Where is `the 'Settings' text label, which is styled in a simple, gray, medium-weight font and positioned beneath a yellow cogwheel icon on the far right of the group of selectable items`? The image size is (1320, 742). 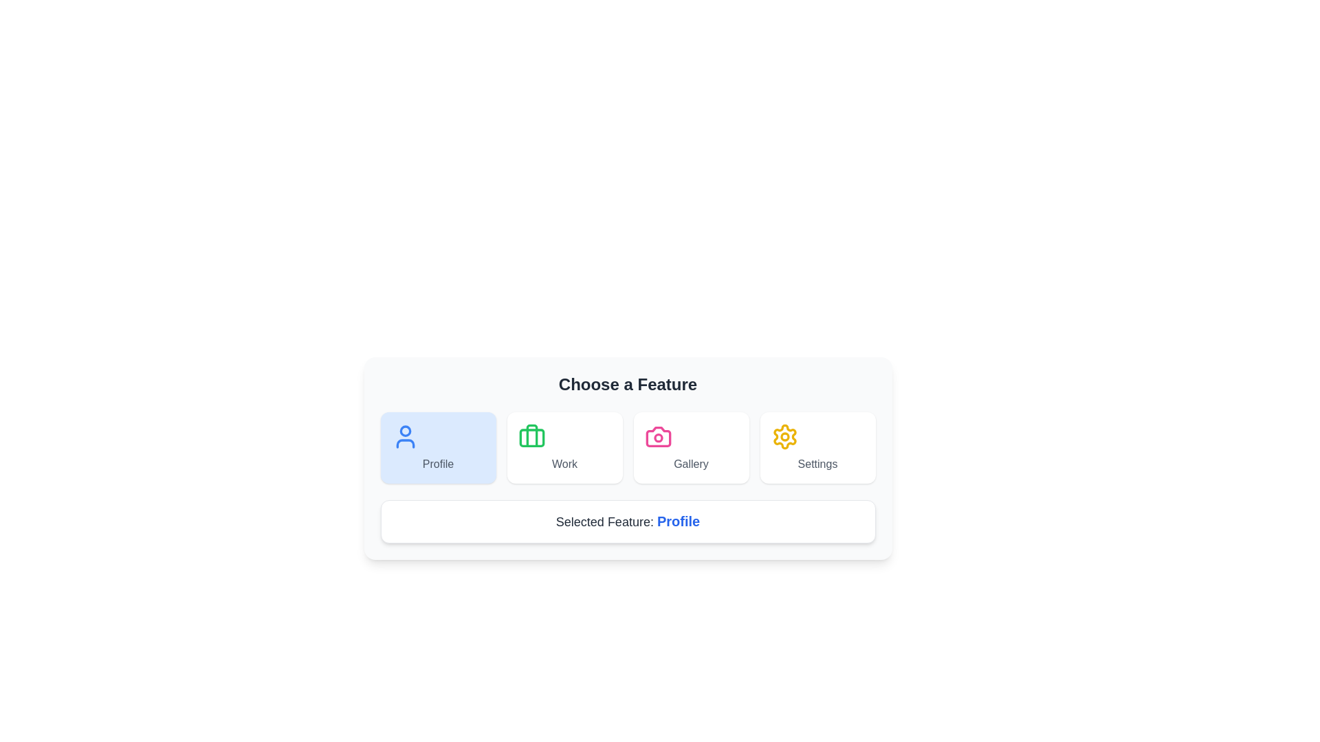 the 'Settings' text label, which is styled in a simple, gray, medium-weight font and positioned beneath a yellow cogwheel icon on the far right of the group of selectable items is located at coordinates (817, 464).